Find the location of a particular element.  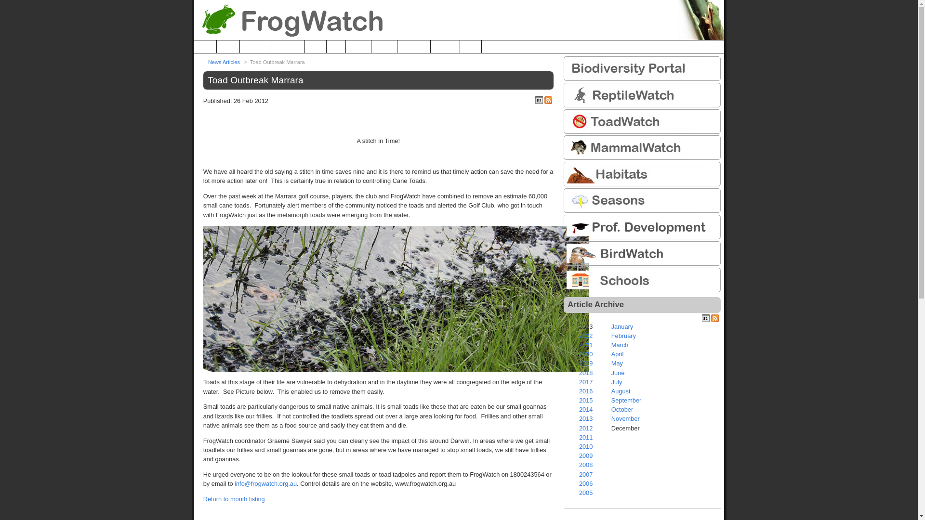

'February' is located at coordinates (623, 335).